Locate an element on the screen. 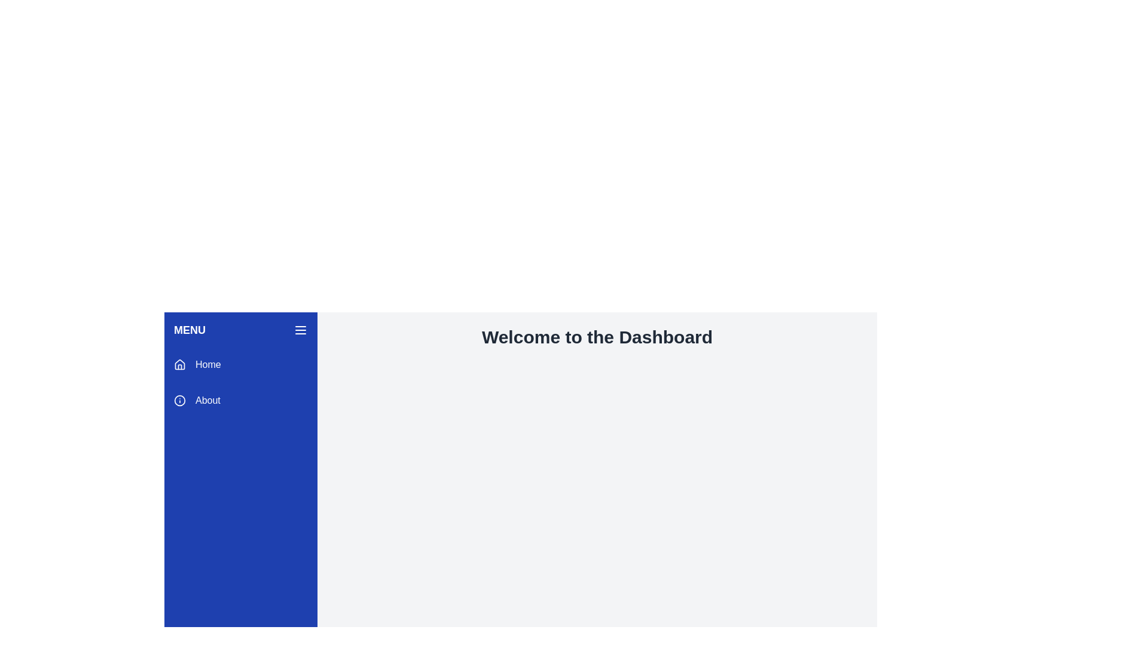 This screenshot has height=645, width=1148. the circular icon with a blue border resembling an 'info' symbol located in the left sidebar, next to the 'About' label is located at coordinates (179, 401).